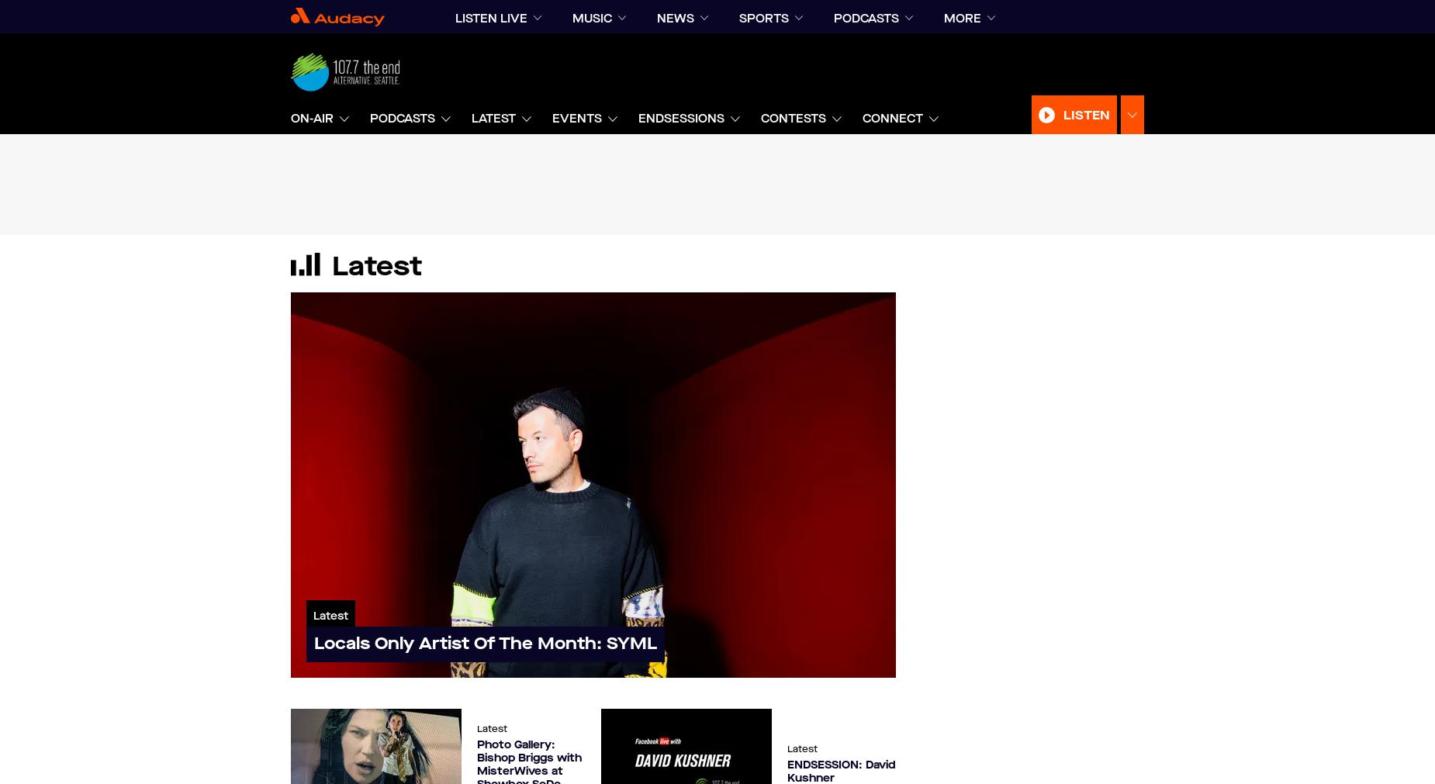 This screenshot has height=784, width=1435. Describe the element at coordinates (592, 17) in the screenshot. I see `'music'` at that location.